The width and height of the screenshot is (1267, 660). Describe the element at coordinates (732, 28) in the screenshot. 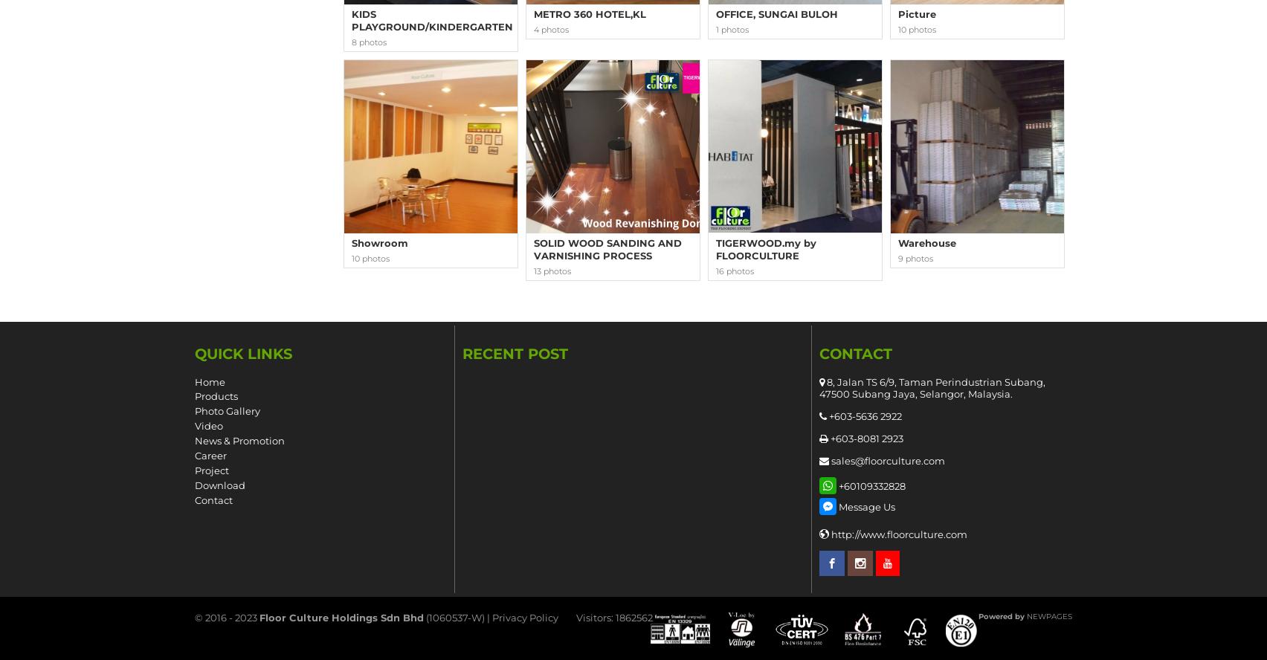

I see `'1 photos'` at that location.